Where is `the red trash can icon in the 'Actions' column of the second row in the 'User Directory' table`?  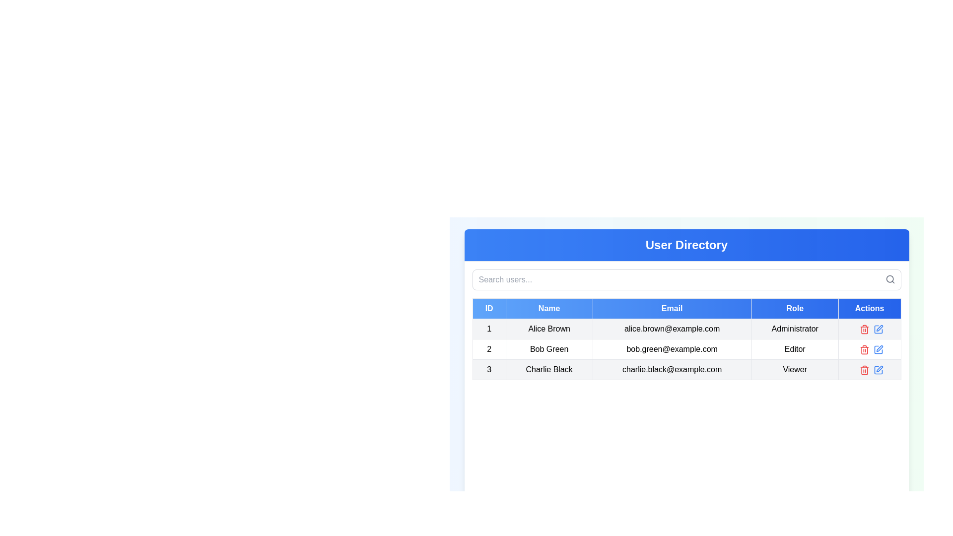 the red trash can icon in the 'Actions' column of the second row in the 'User Directory' table is located at coordinates (864, 349).